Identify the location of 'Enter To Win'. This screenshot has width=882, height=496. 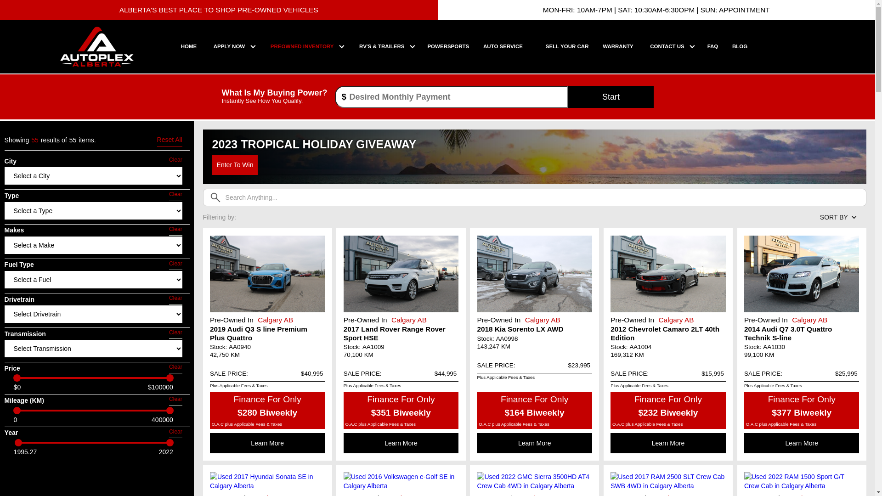
(211, 164).